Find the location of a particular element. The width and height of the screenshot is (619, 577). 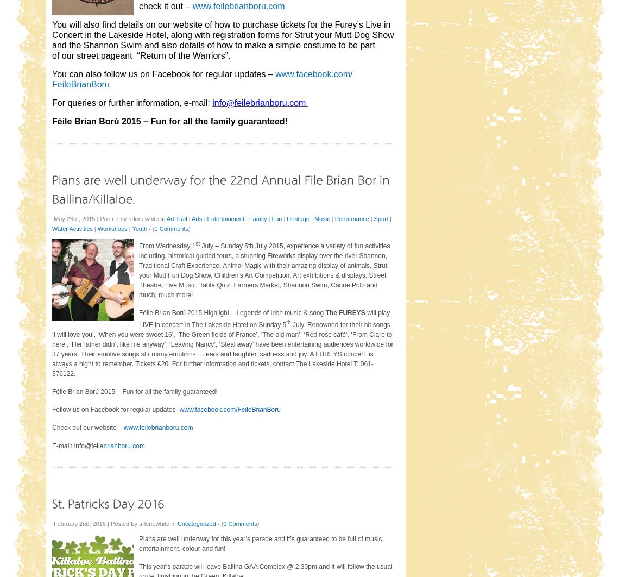

'Performance' is located at coordinates (351, 217).